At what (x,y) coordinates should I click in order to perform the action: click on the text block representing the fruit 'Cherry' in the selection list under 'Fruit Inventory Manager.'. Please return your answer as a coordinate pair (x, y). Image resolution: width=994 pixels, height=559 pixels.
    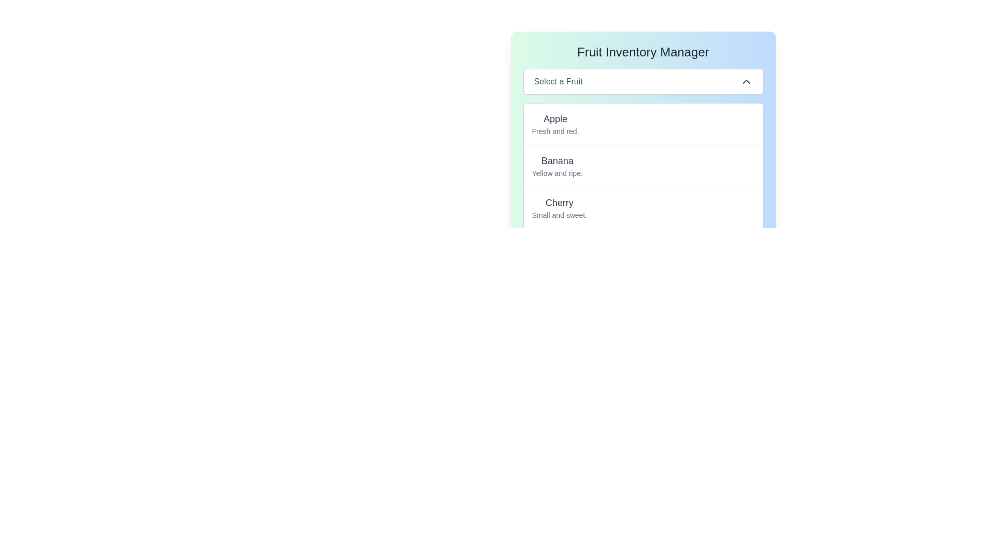
    Looking at the image, I should click on (559, 208).